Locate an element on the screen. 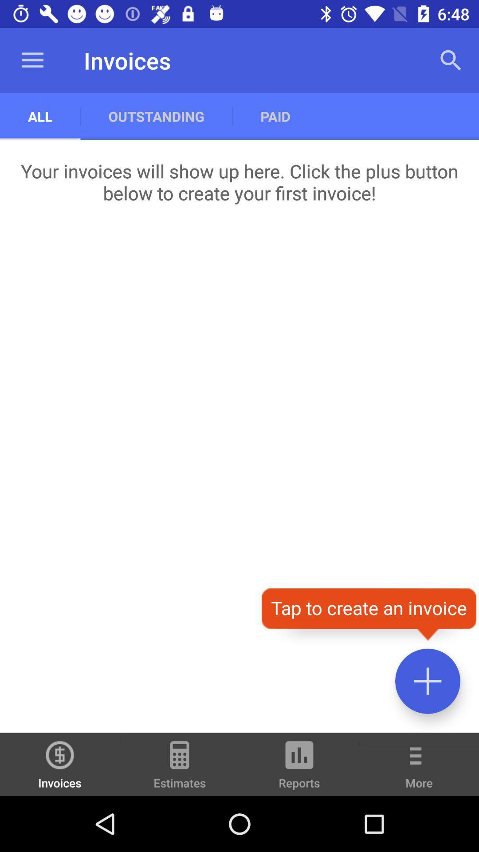 This screenshot has width=479, height=852. icon to the right of the reports is located at coordinates (419, 770).